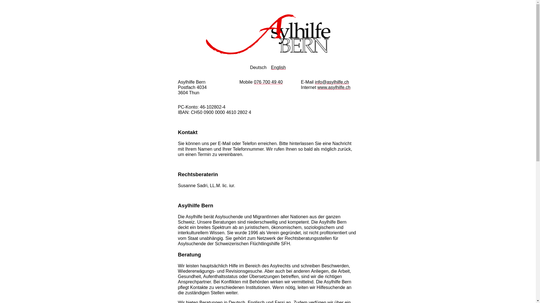 The width and height of the screenshot is (540, 303). Describe the element at coordinates (268, 82) in the screenshot. I see `'076 700 49 40'` at that location.